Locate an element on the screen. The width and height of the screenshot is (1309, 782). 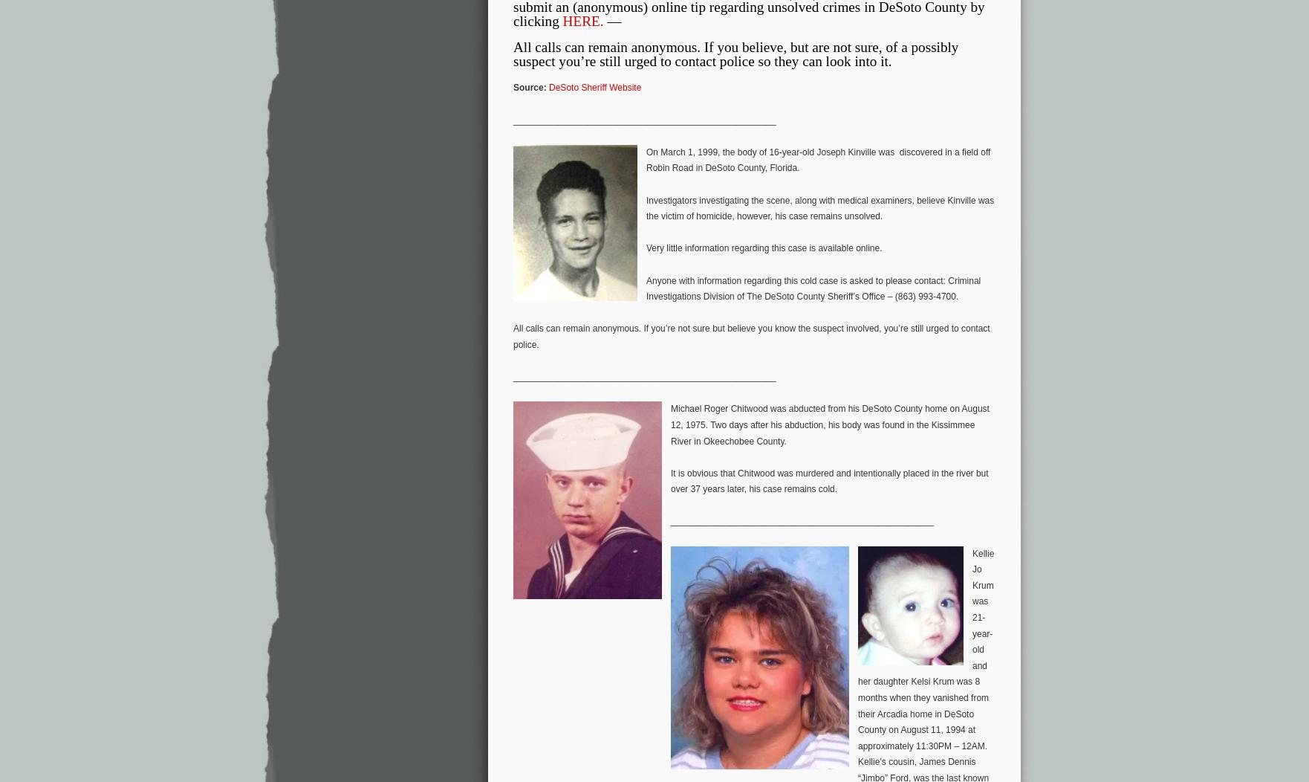
'Anyone with information regarding this cold case is asked to please contact: Criminal Investigations Division of The DeSoto County Sheriff’s Office – (863) 993-4700.' is located at coordinates (813, 288).